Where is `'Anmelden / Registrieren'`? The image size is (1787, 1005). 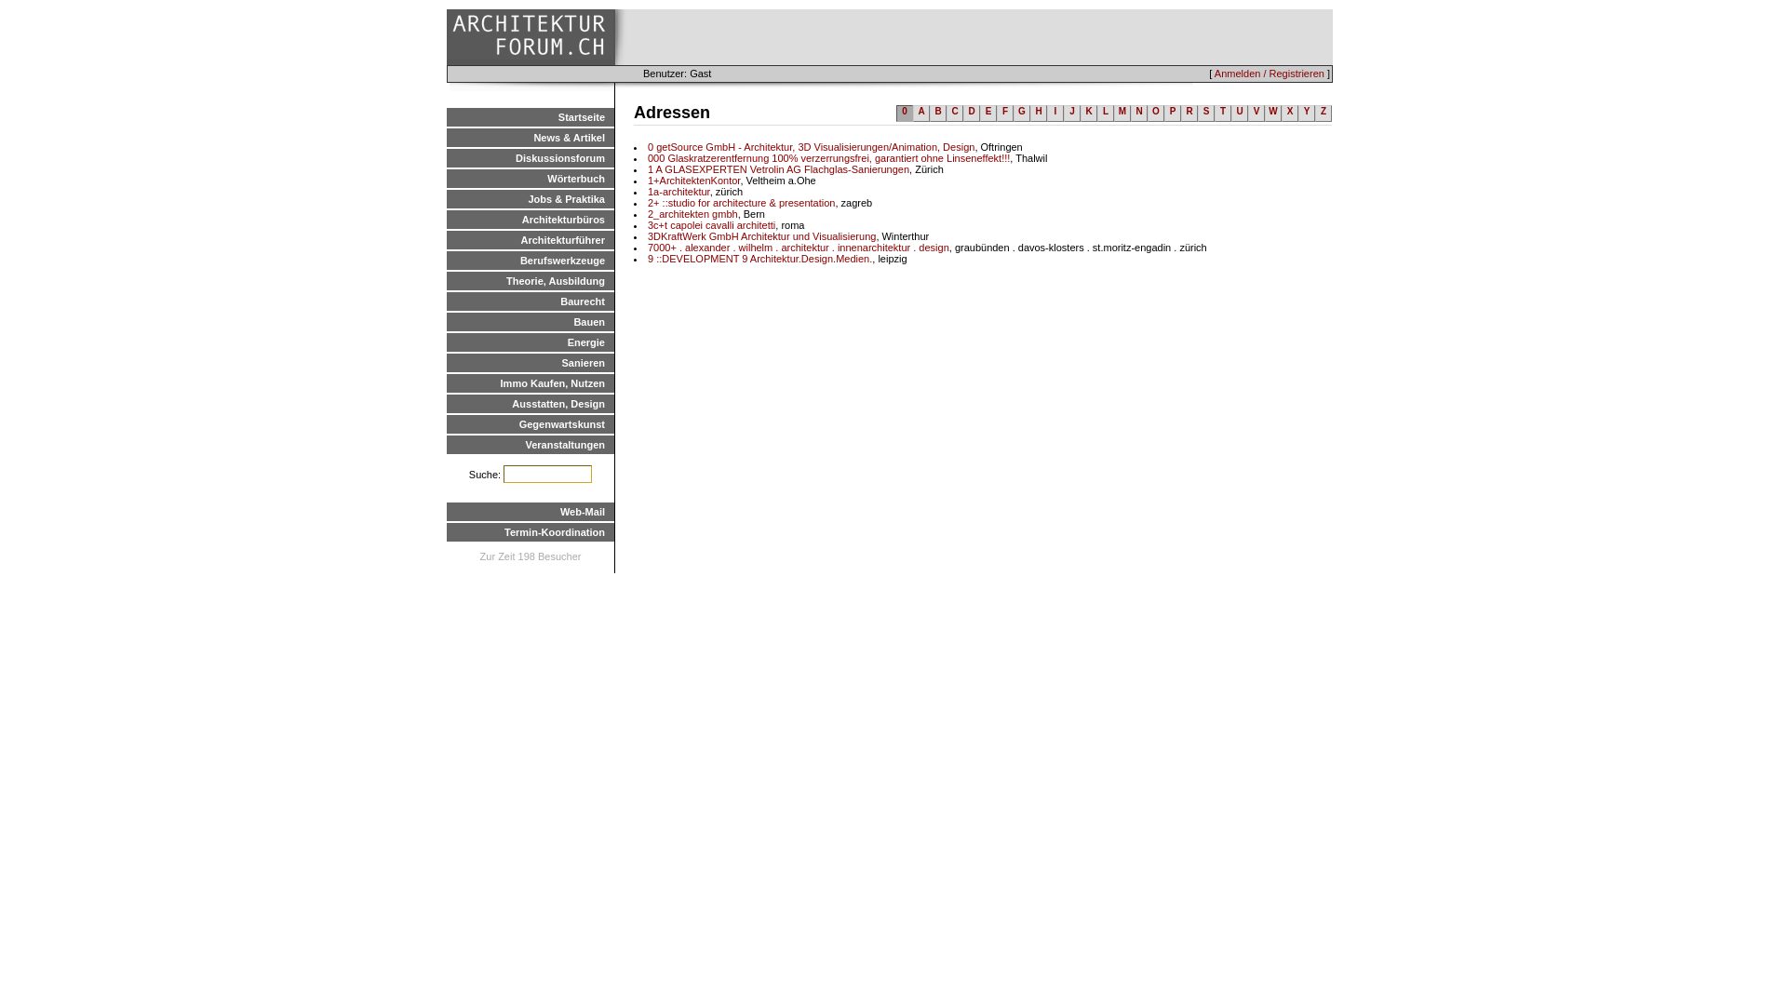
'Anmelden / Registrieren' is located at coordinates (1215, 72).